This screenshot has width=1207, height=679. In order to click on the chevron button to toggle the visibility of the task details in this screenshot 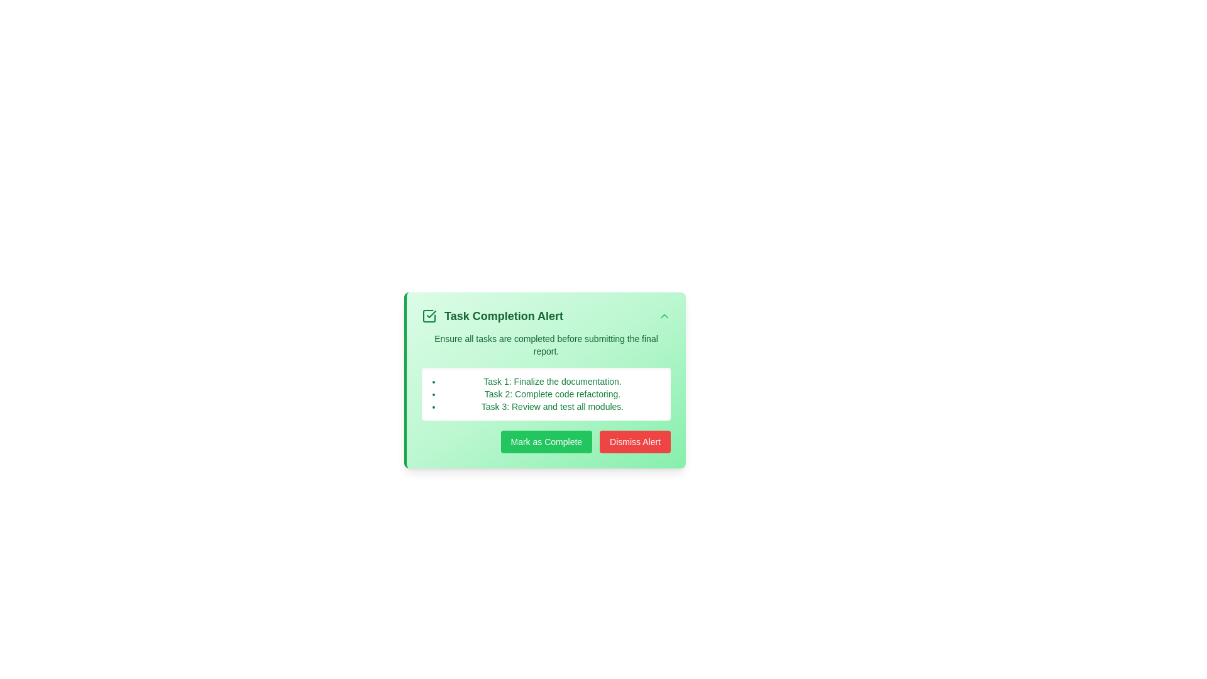, I will do `click(663, 315)`.